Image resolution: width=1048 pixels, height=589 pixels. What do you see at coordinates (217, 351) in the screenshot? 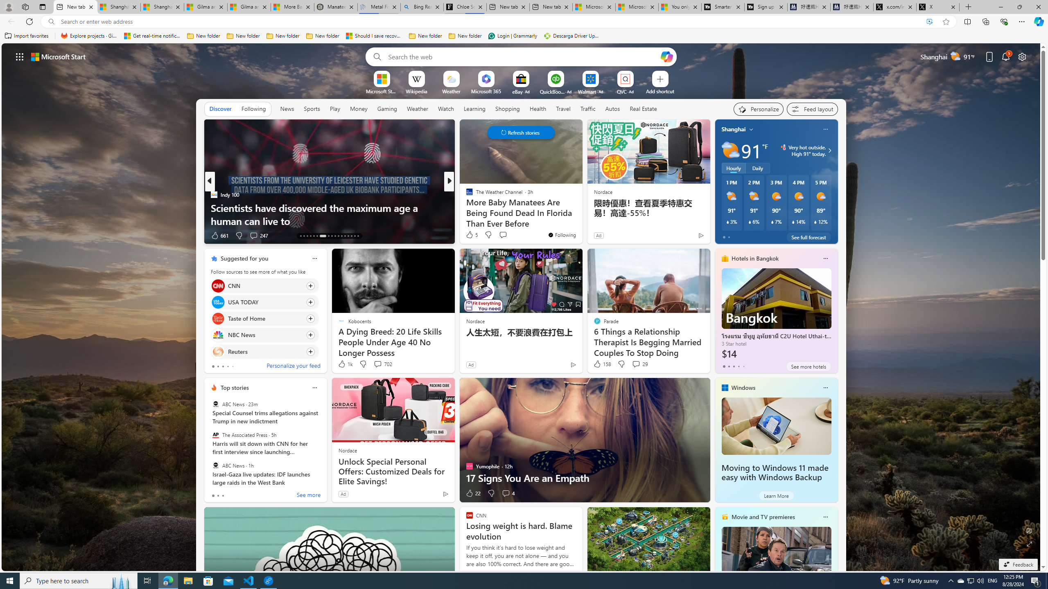
I see `'Reuters'` at bounding box center [217, 351].